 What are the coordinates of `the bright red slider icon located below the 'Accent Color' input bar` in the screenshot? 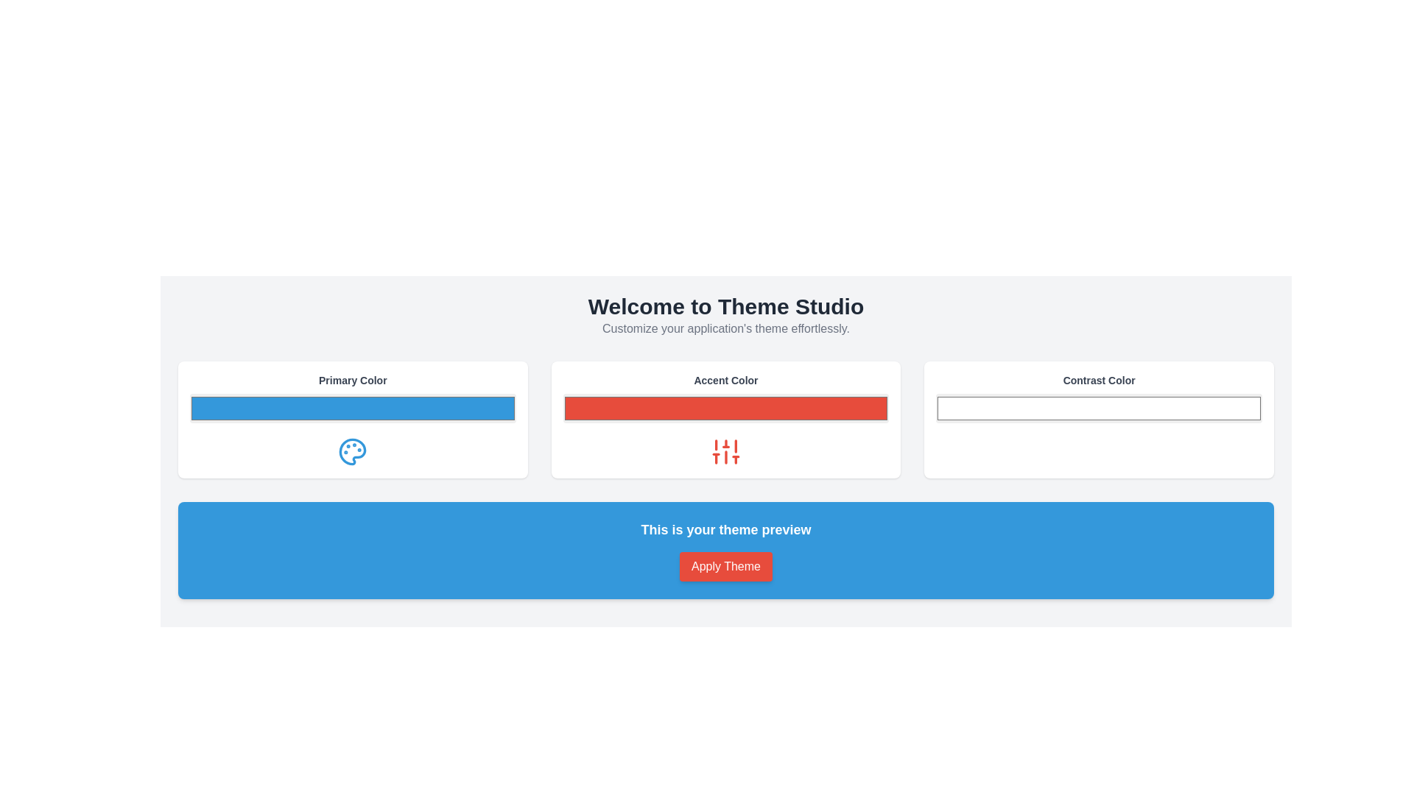 It's located at (725, 451).